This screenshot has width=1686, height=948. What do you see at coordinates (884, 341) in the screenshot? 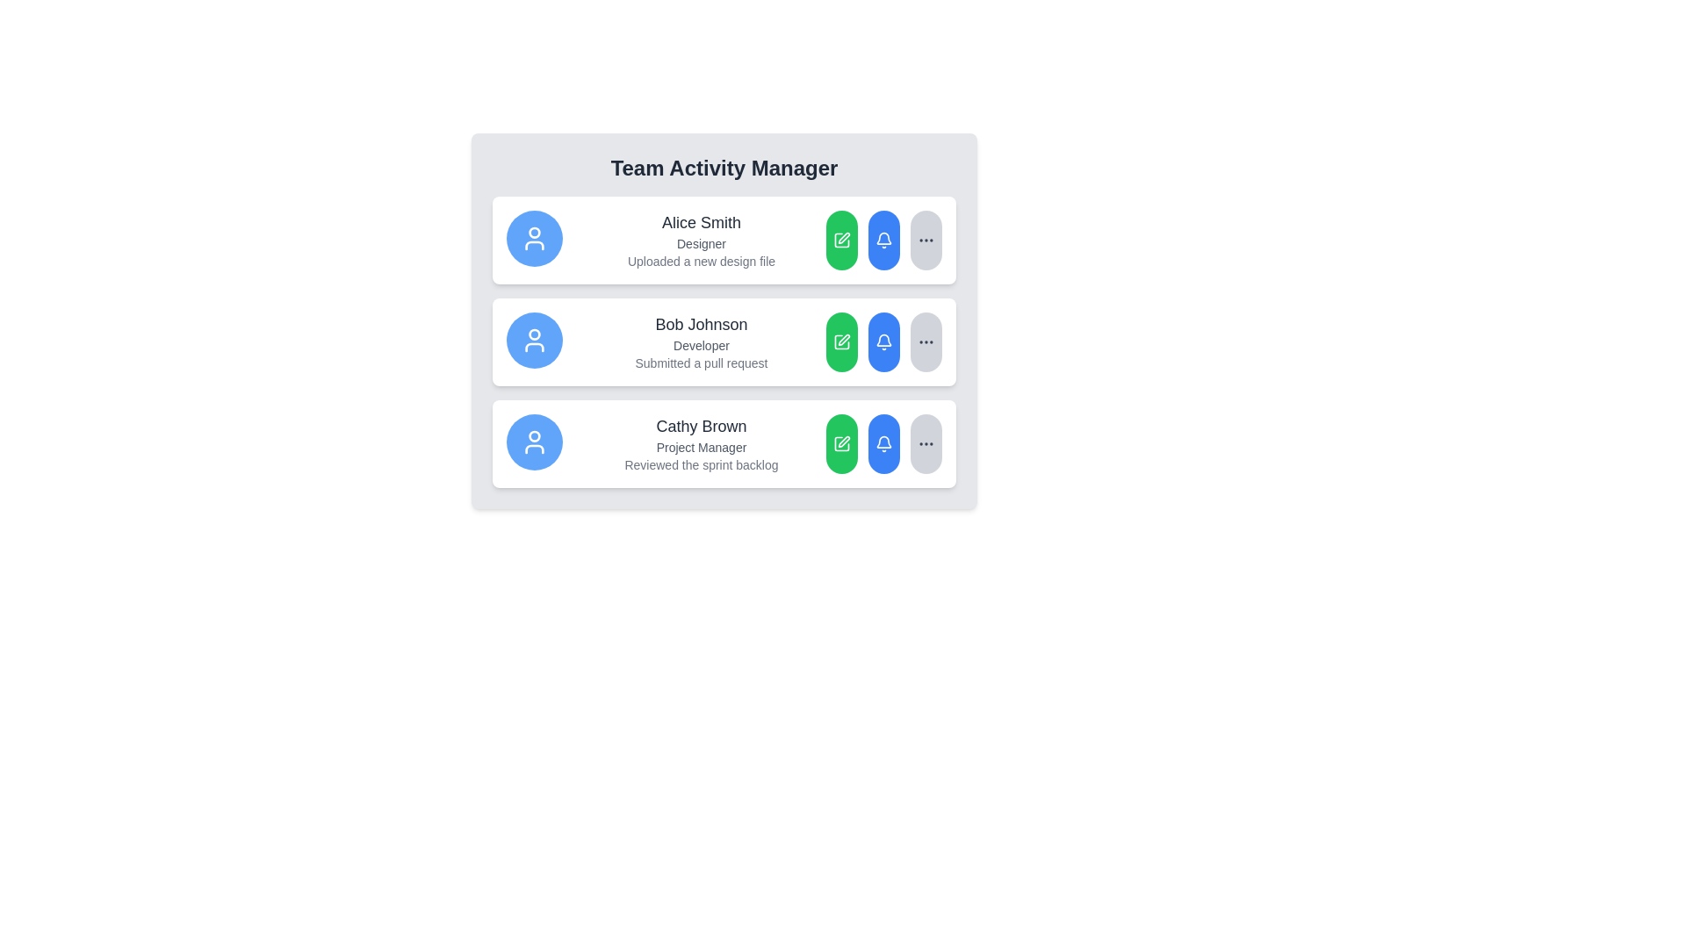
I see `the third circular button with a blue background and a white bell icon in the 'Team Activity Manager' section to observe the hover effect` at bounding box center [884, 341].